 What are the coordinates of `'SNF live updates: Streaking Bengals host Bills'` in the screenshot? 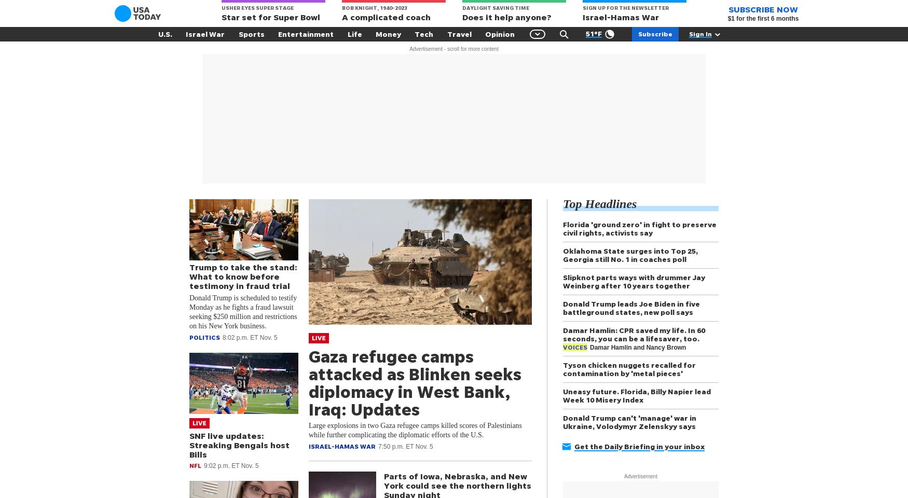 It's located at (239, 445).